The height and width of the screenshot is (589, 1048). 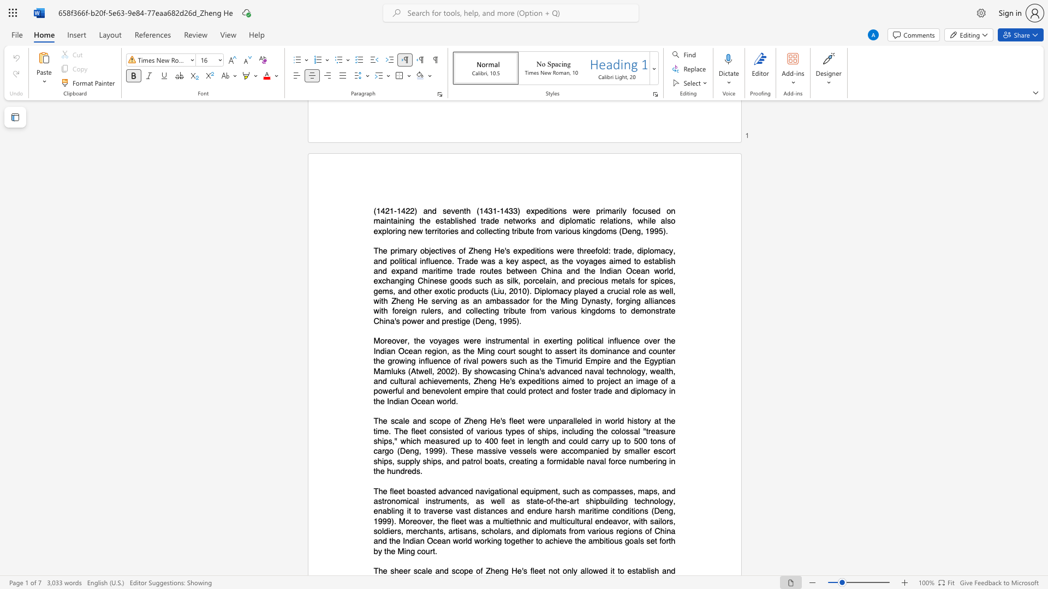 What do you see at coordinates (584, 570) in the screenshot?
I see `the subset text "llo" within the text "The sheer scale and scope of Zheng He"` at bounding box center [584, 570].